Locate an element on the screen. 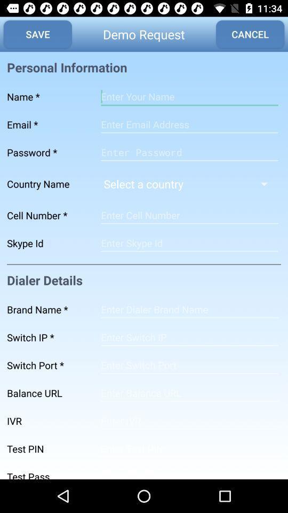 The width and height of the screenshot is (288, 513). skype id is located at coordinates (189, 243).